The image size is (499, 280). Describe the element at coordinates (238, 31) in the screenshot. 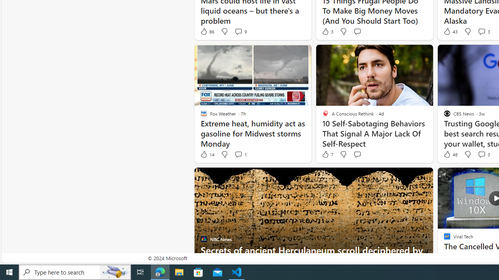

I see `'View comments 9 Comment'` at that location.